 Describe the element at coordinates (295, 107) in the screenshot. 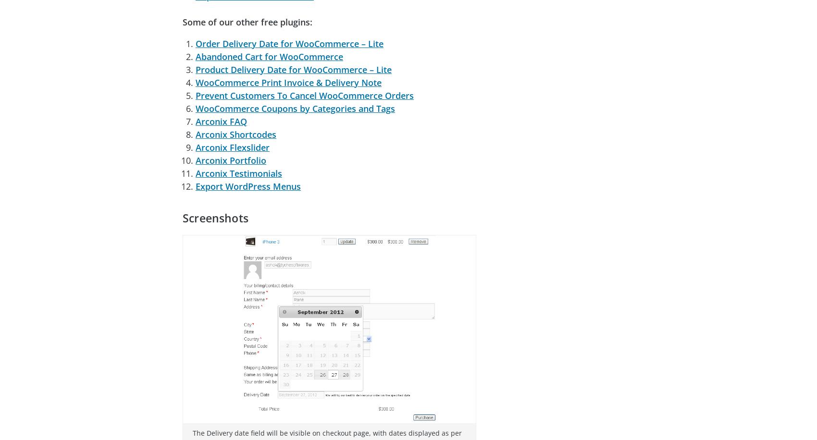

I see `'WooCommerce Coupons by Categories and Tags'` at that location.